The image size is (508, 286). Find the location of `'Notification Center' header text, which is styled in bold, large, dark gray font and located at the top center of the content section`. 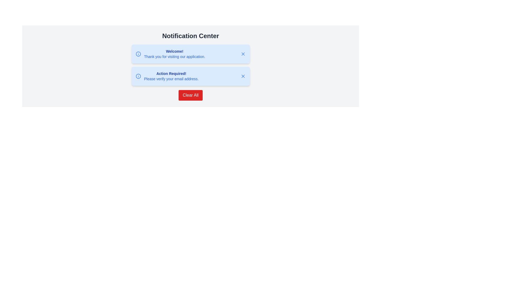

'Notification Center' header text, which is styled in bold, large, dark gray font and located at the top center of the content section is located at coordinates (190, 36).